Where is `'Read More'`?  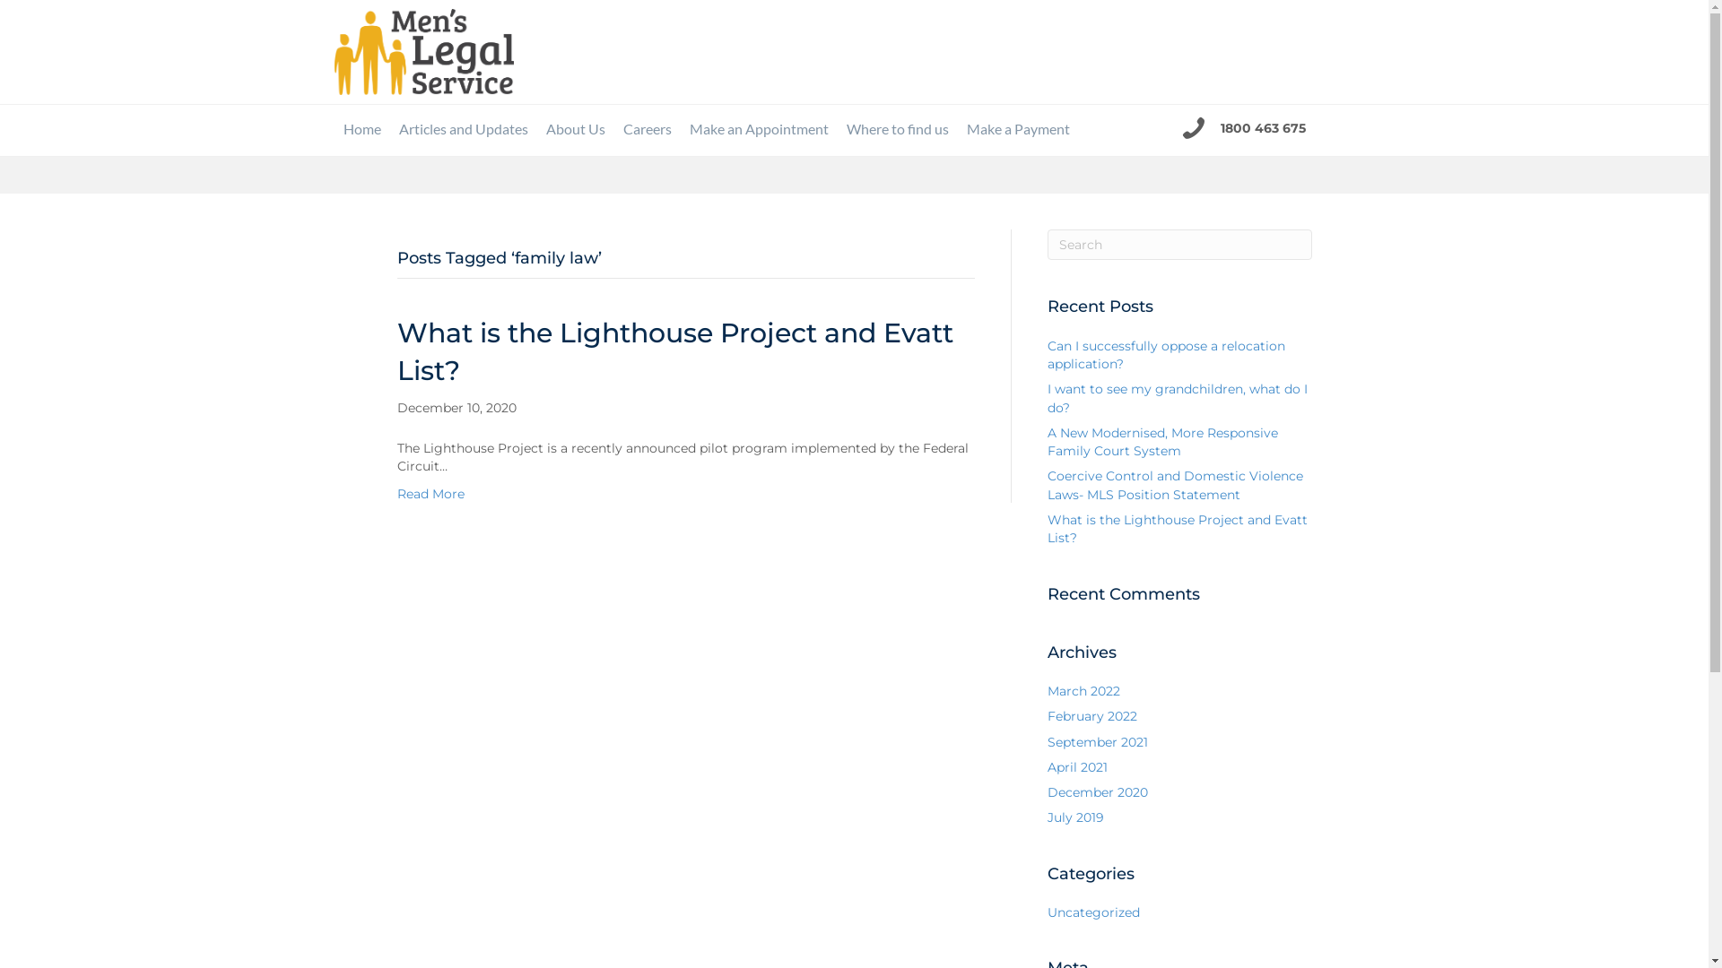 'Read More' is located at coordinates (429, 494).